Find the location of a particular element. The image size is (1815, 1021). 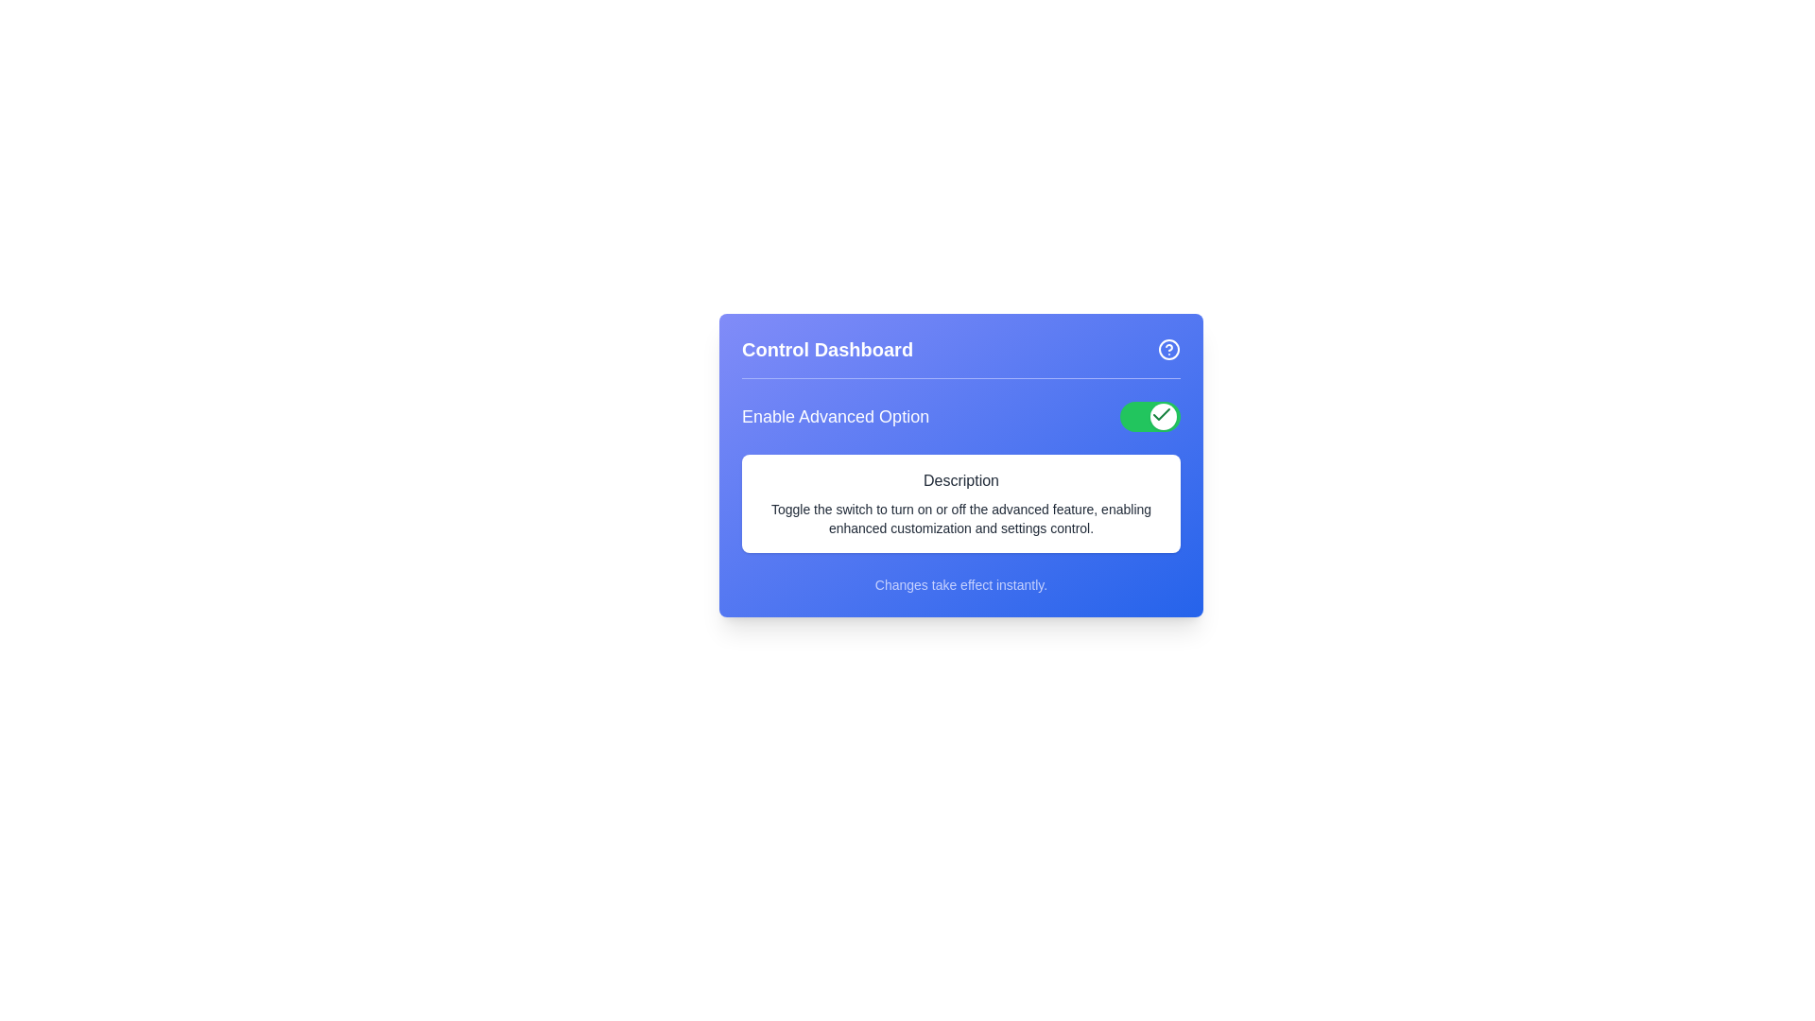

the green toggle button containing the checkmark icon, located to the right of 'Enable Advanced Option' to trigger a tooltip or highlight effect is located at coordinates (1160, 414).